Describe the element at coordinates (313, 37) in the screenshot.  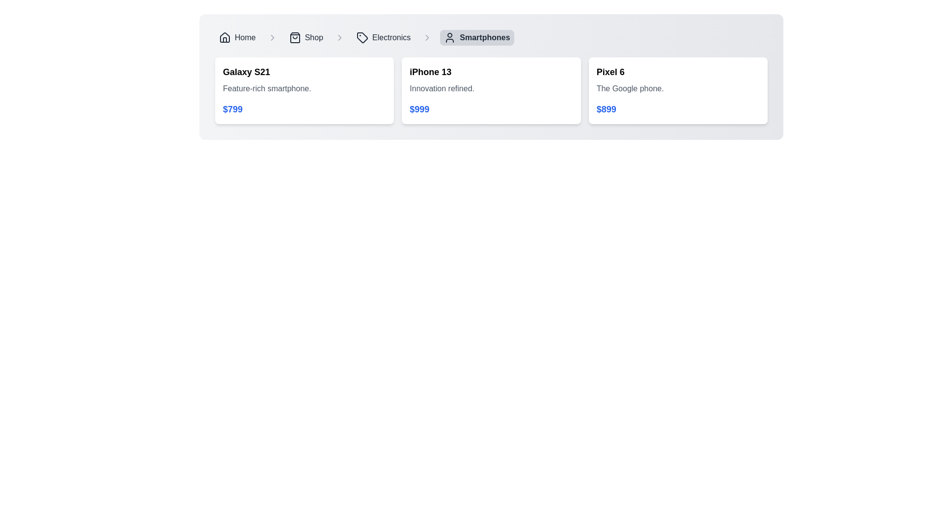
I see `the 'Shop' text label in the breadcrumb navigation bar` at that location.